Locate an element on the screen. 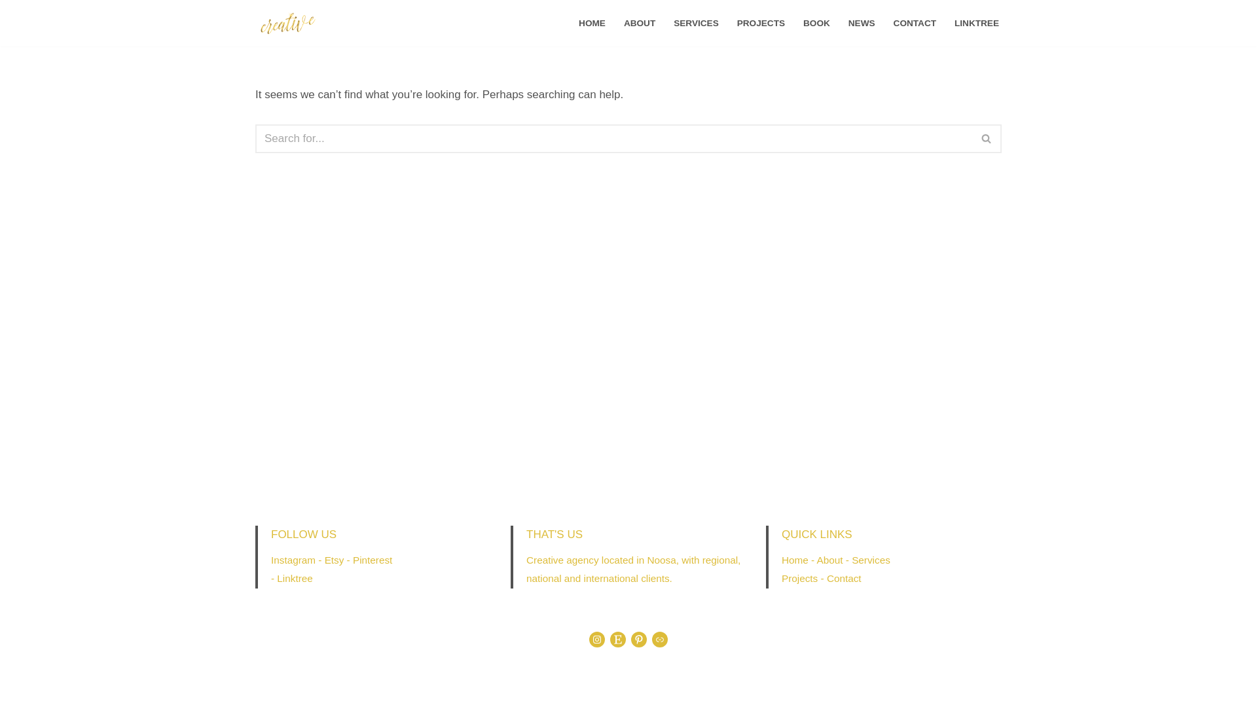 The image size is (1257, 707). 'Contact' is located at coordinates (844, 577).